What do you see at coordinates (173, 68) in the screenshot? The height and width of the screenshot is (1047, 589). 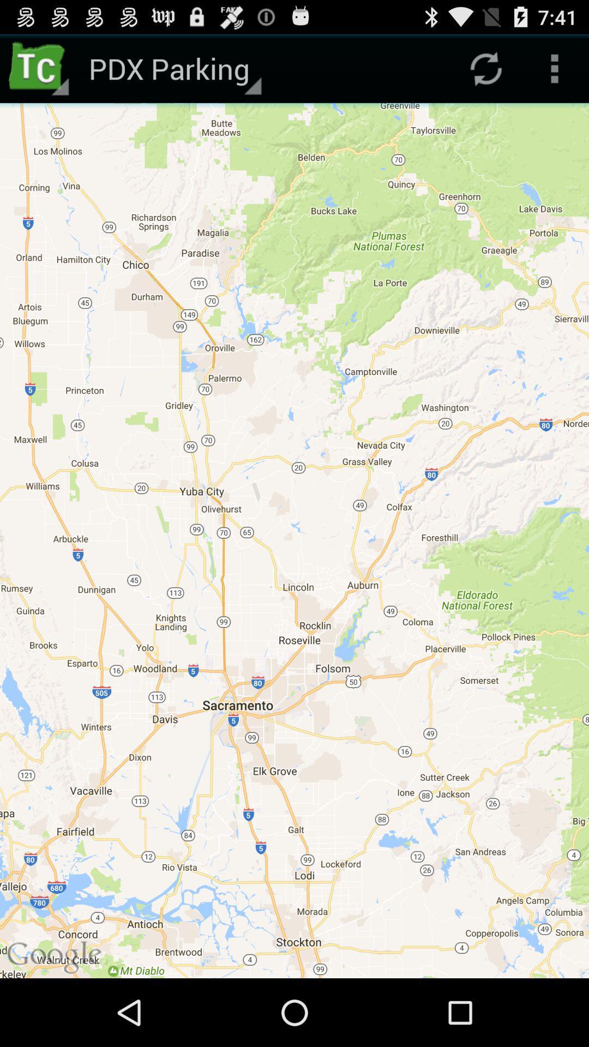 I see `the pdx parking app` at bounding box center [173, 68].